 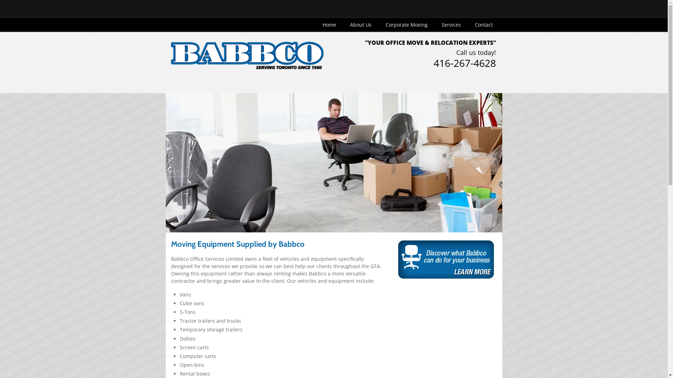 What do you see at coordinates (343, 24) in the screenshot?
I see `'About Us'` at bounding box center [343, 24].